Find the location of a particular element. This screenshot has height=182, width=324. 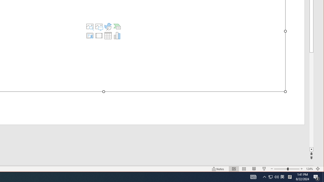

'Insert Chart' is located at coordinates (117, 35).